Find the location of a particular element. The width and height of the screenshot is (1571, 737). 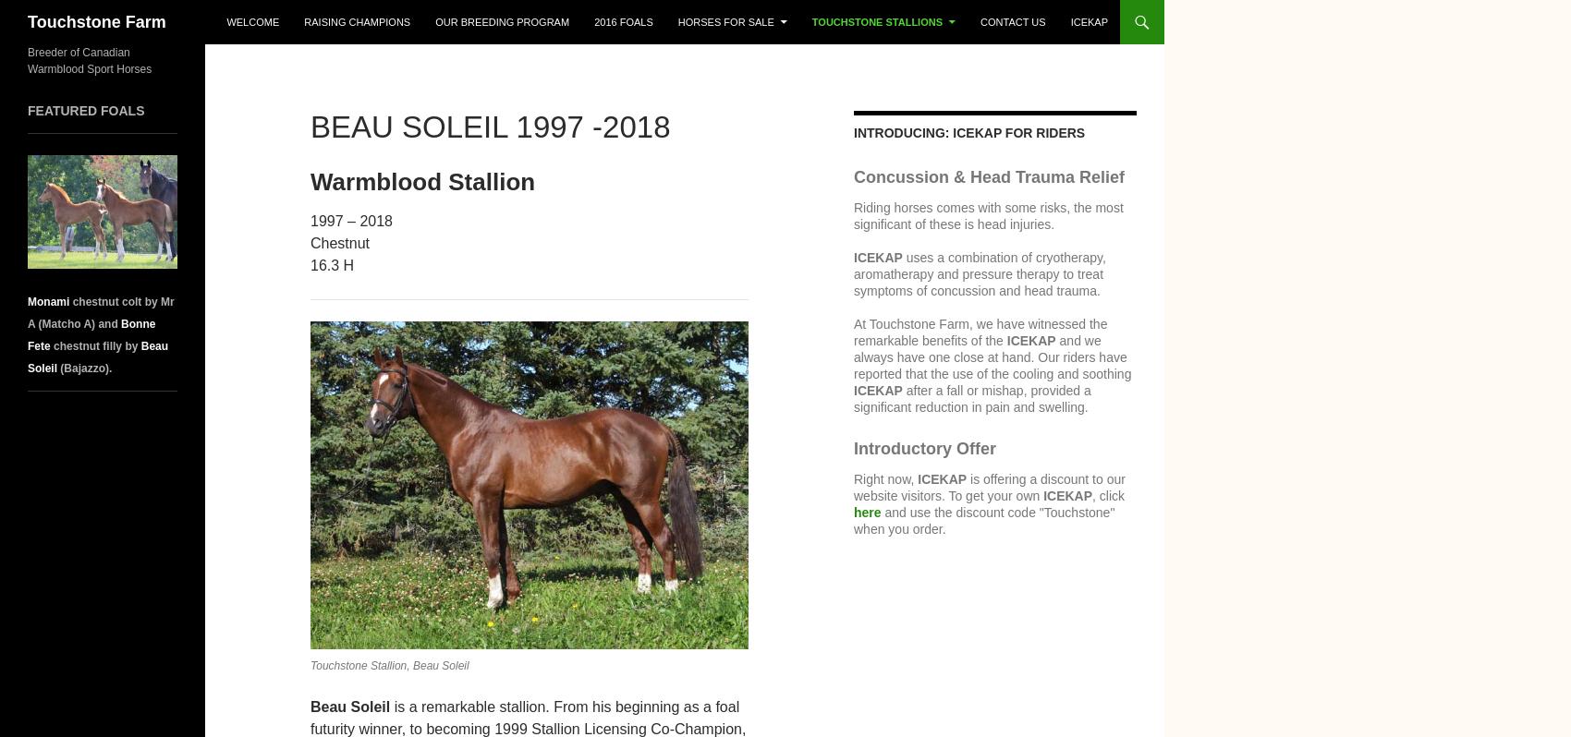

'uses a combination of cryotherapy, aromatherapy and pressure therapy to treat symptoms of concussion and head trauma.' is located at coordinates (978, 273).